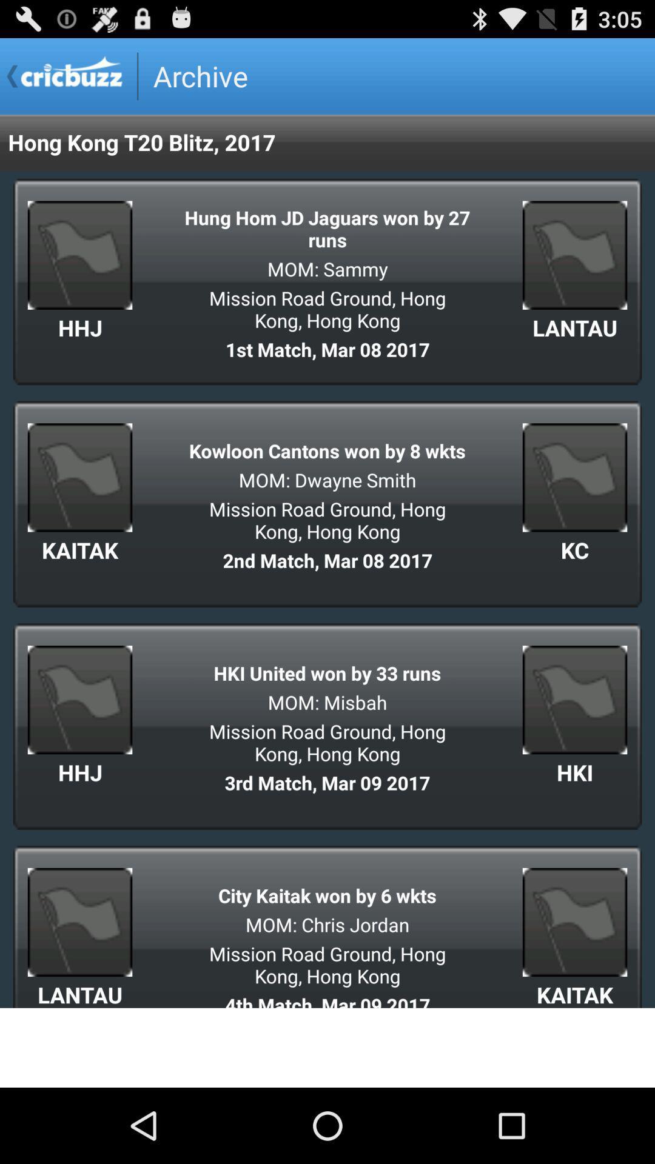 This screenshot has width=655, height=1164. Describe the element at coordinates (574, 549) in the screenshot. I see `app to the right of the mission road ground icon` at that location.